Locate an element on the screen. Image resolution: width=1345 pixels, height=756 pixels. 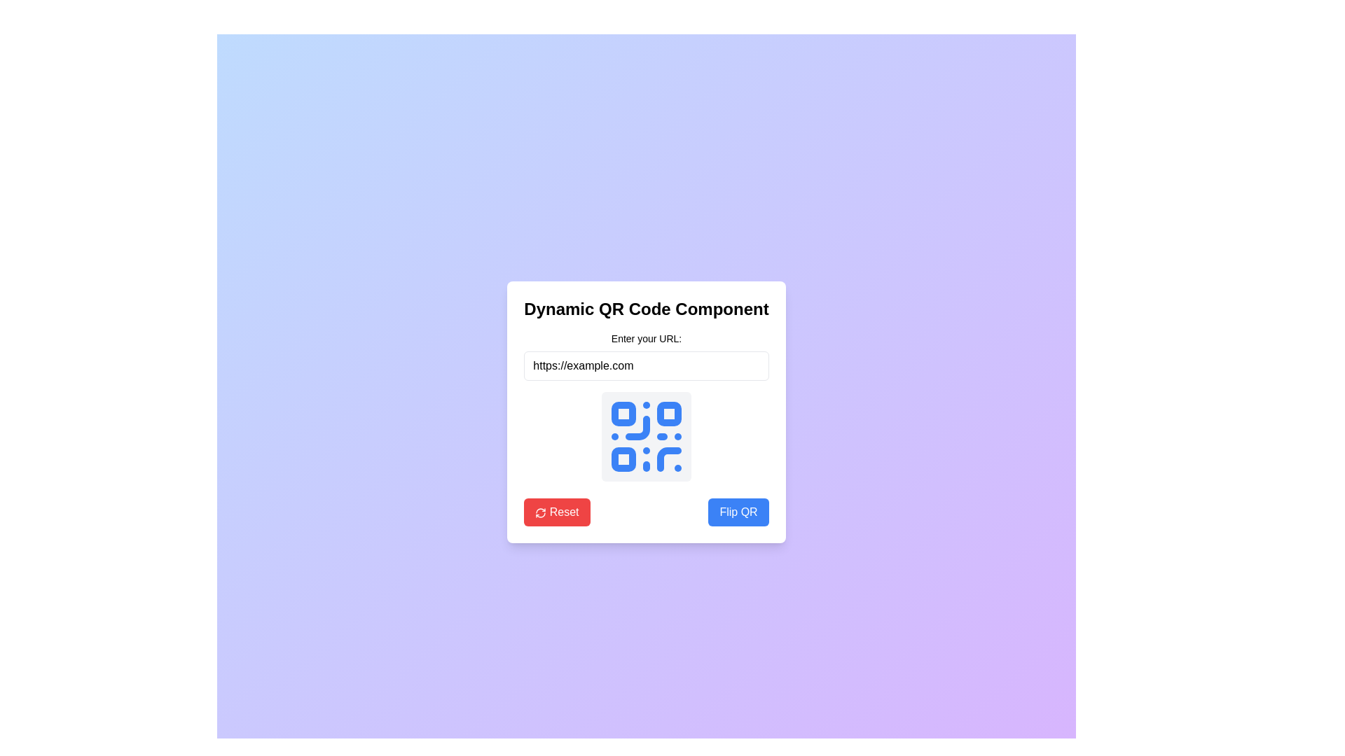
the refresh icon located inside the 'Reset' button, positioned to the left of the text 'Reset' in the bottom-left corner of the modal window is located at coordinates (540, 512).